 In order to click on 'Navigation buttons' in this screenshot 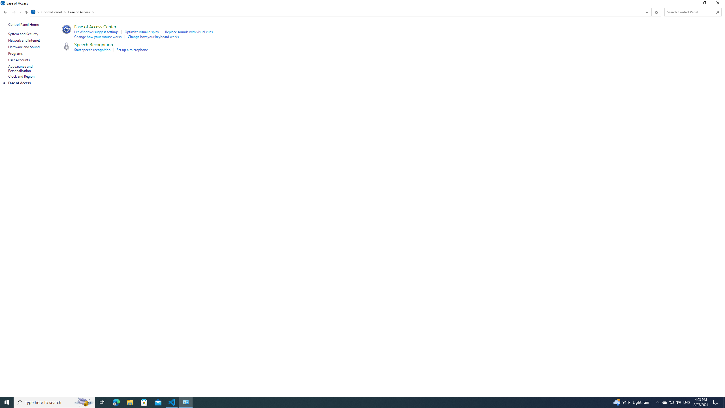, I will do `click(12, 12)`.